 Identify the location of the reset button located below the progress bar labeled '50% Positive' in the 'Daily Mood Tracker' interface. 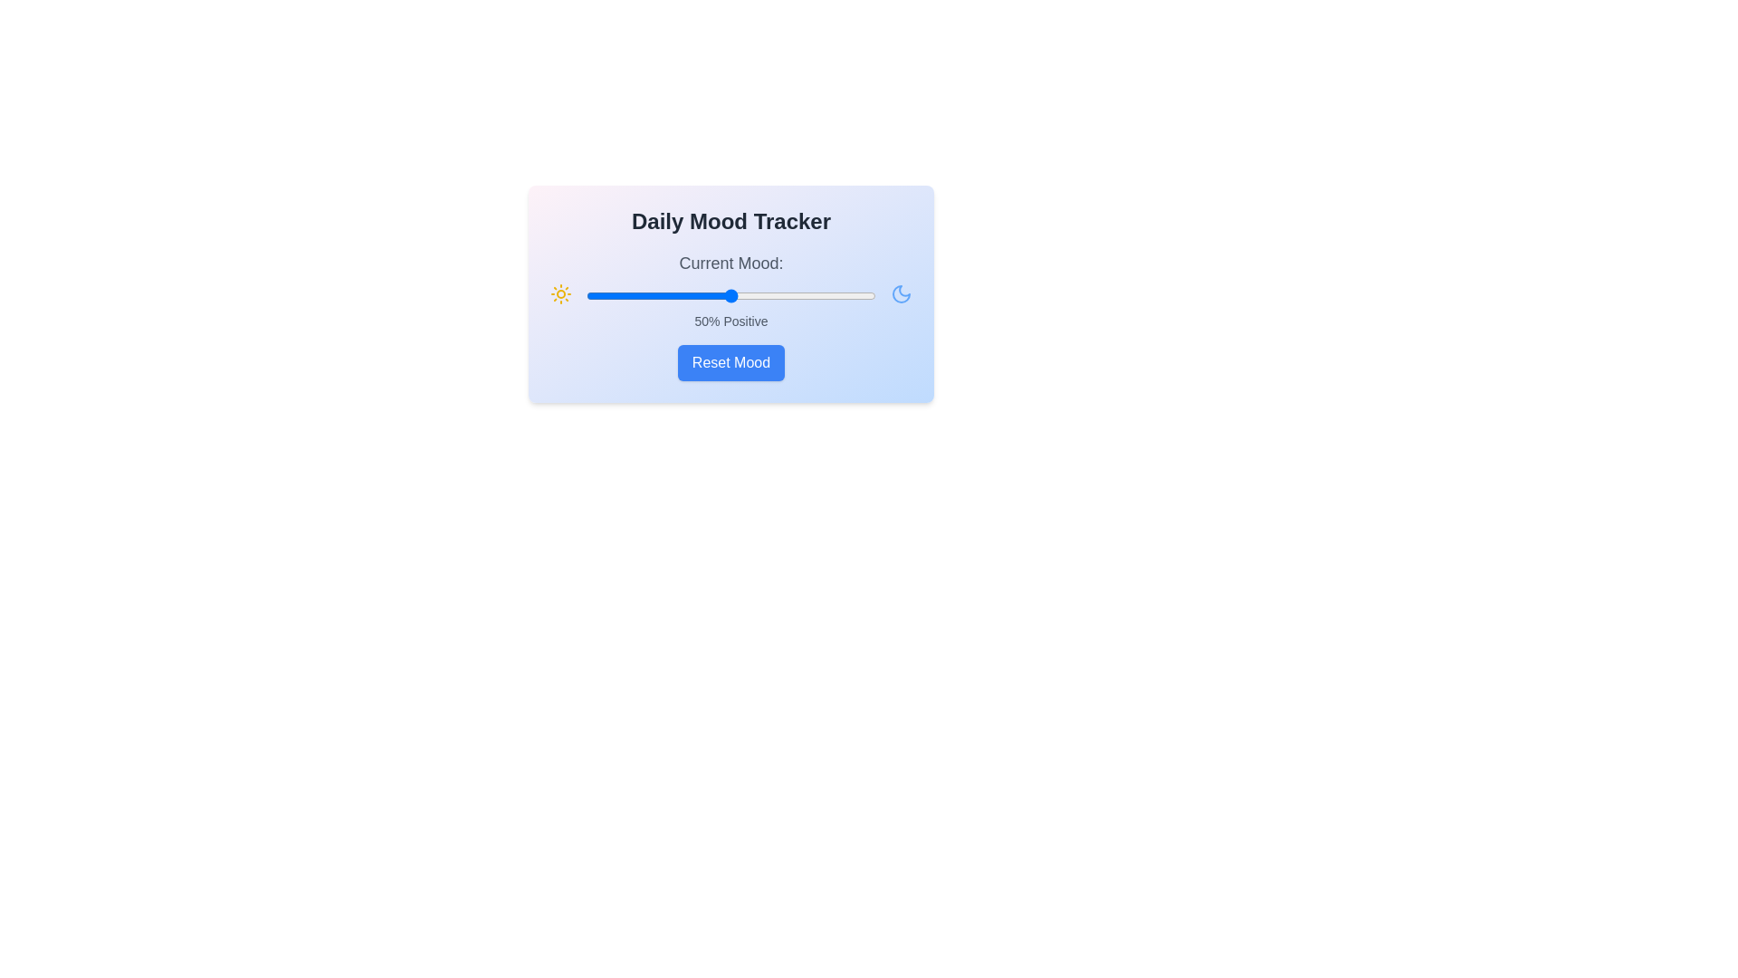
(731, 363).